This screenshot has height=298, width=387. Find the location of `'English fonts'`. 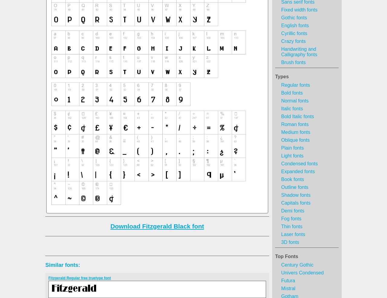

'English fonts' is located at coordinates (281, 25).